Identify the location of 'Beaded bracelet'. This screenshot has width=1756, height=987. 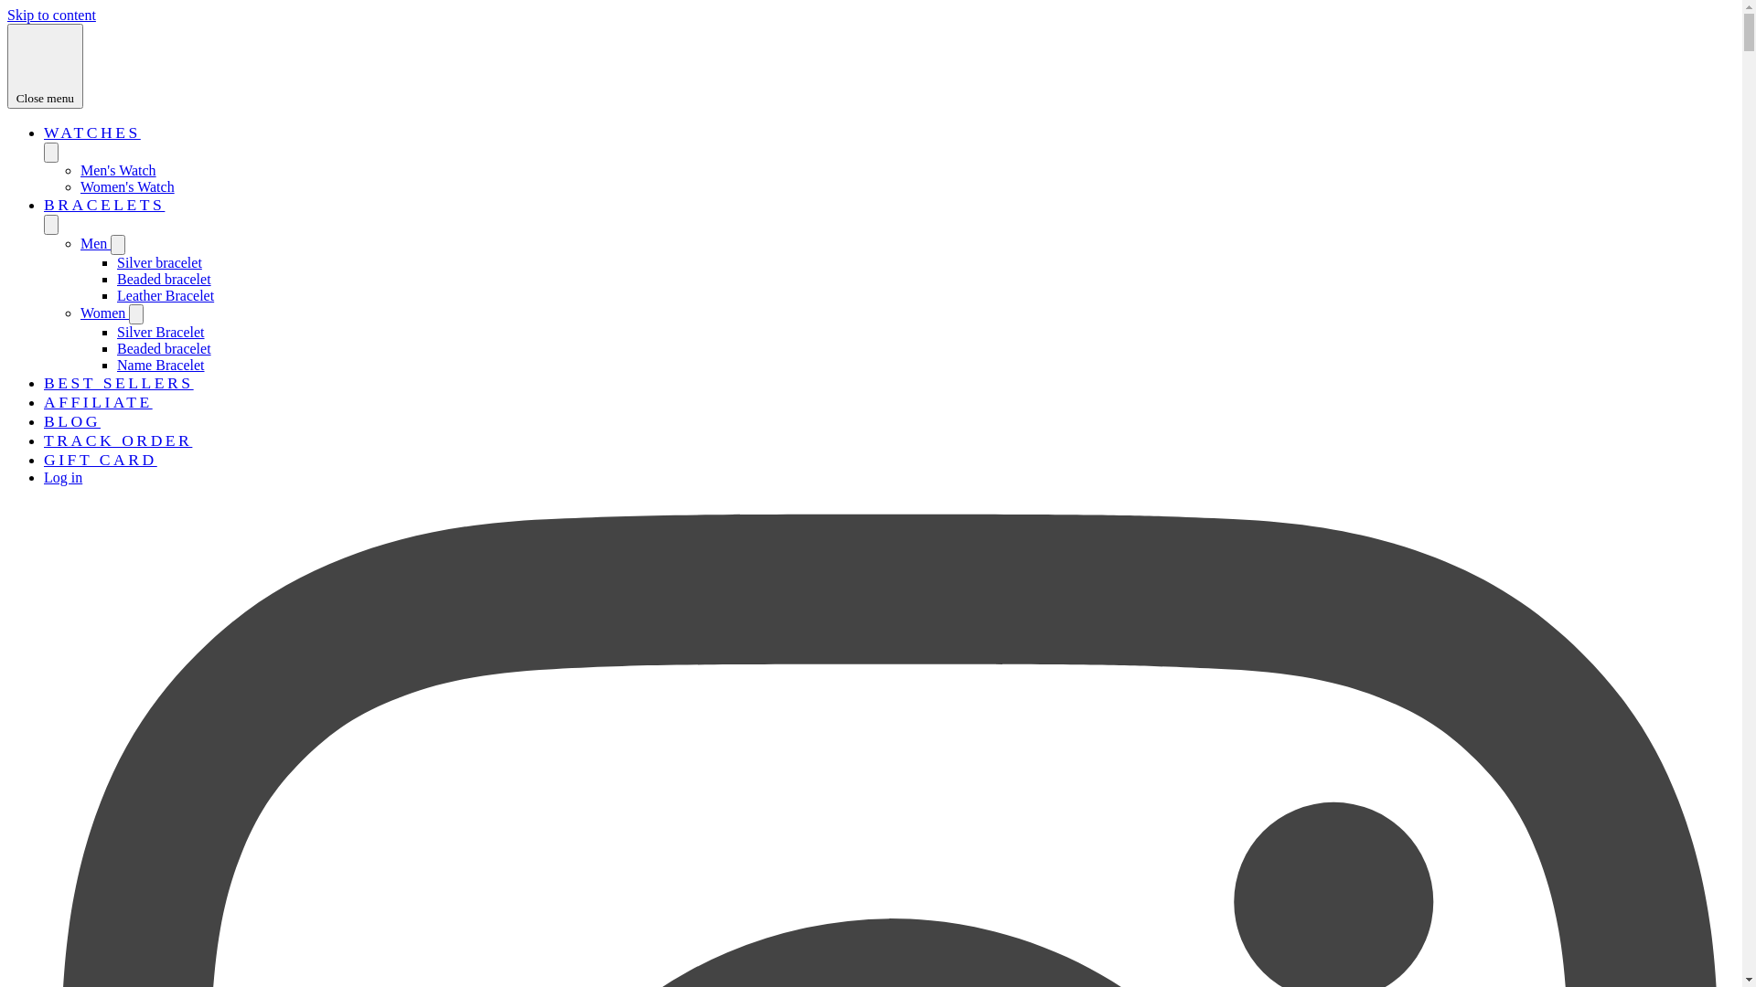
(164, 348).